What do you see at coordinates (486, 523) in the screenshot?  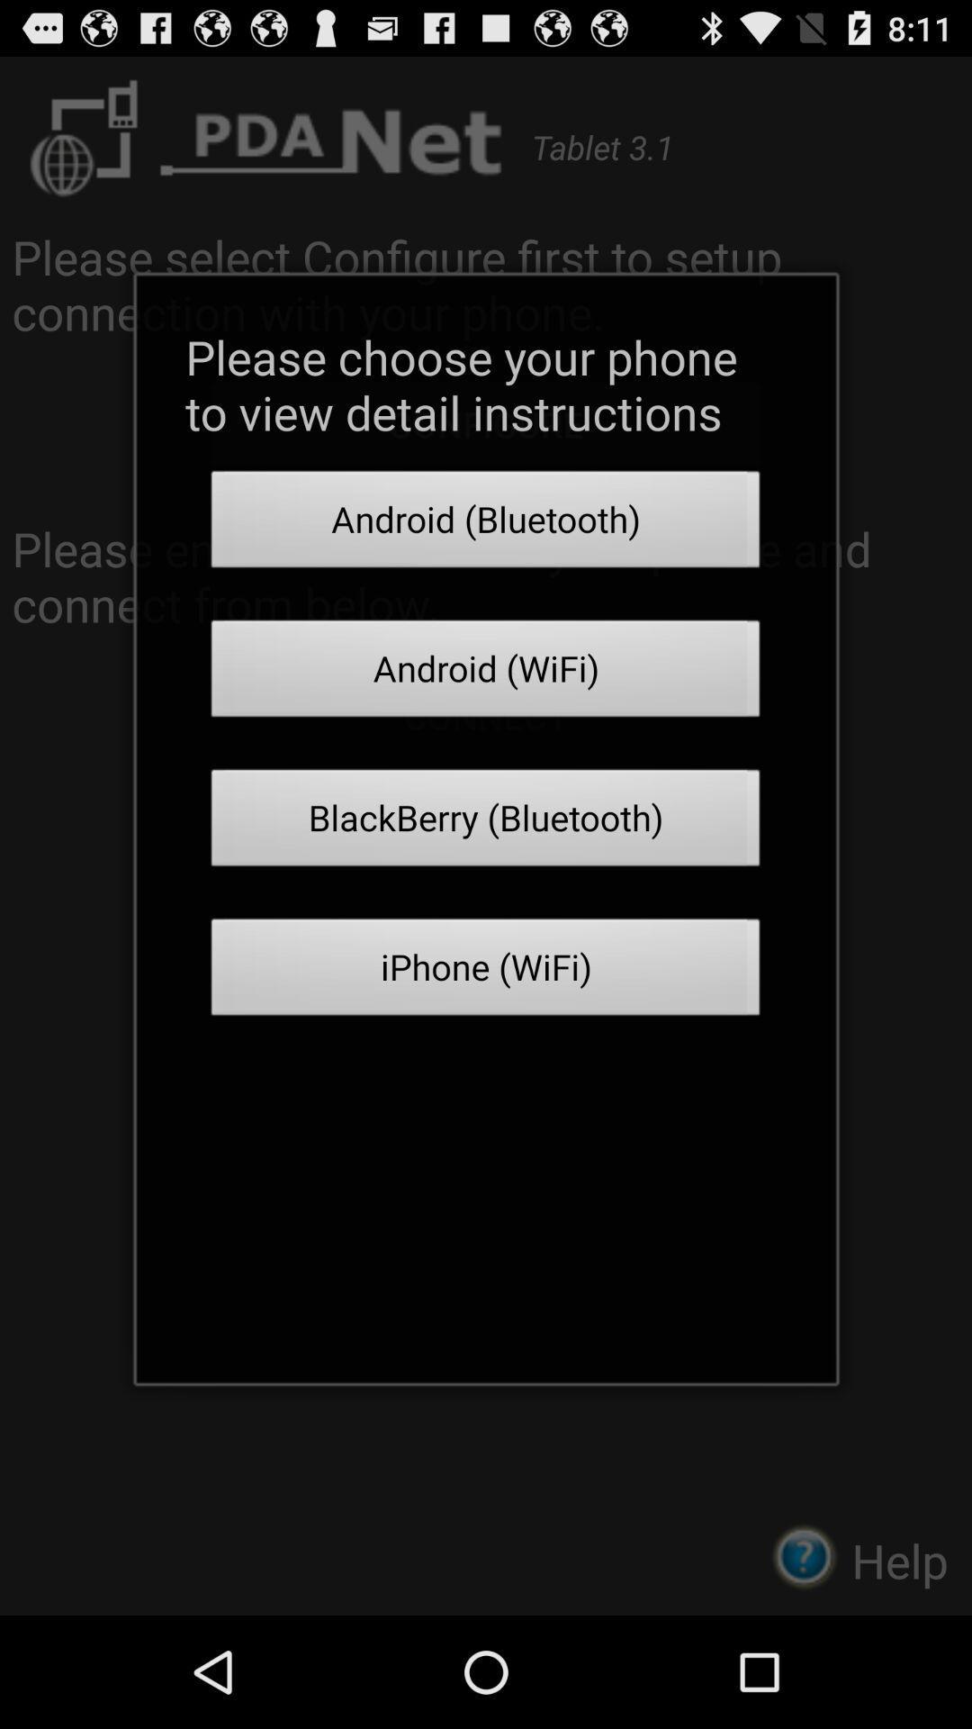 I see `android (bluetooth) button` at bounding box center [486, 523].